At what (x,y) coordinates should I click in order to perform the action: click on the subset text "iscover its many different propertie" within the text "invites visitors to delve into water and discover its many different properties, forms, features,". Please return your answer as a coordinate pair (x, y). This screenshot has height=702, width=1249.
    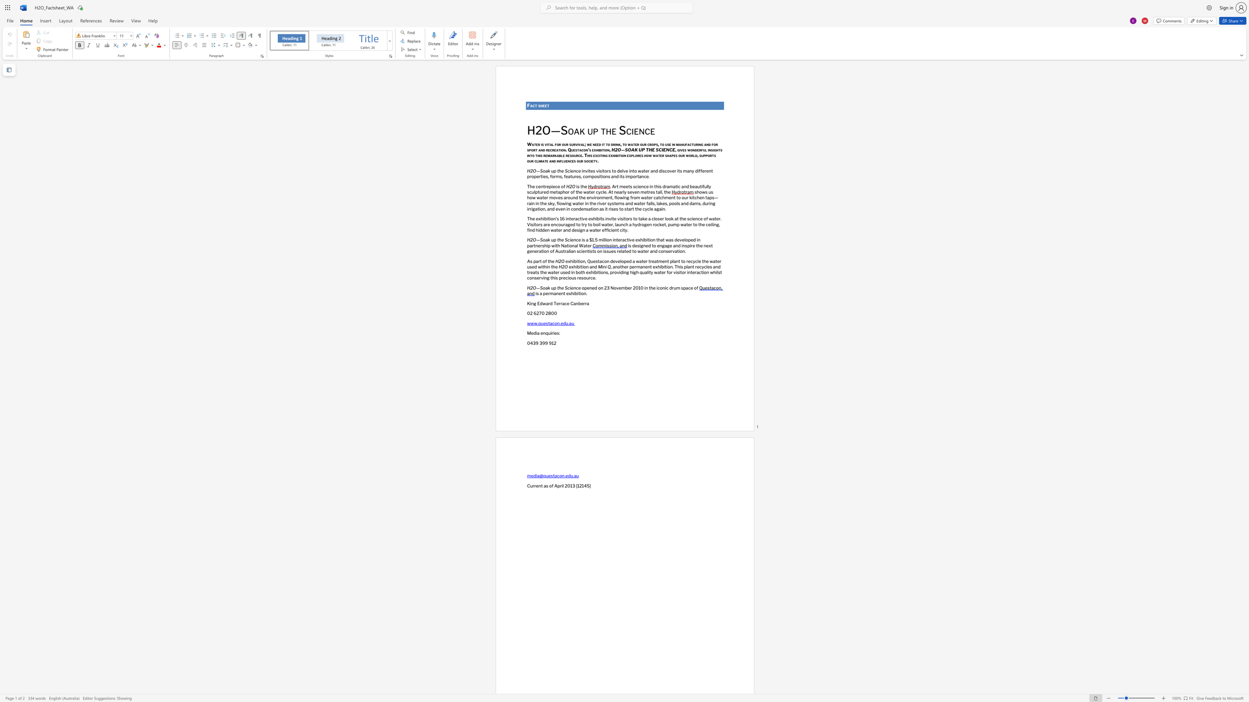
    Looking at the image, I should click on (660, 171).